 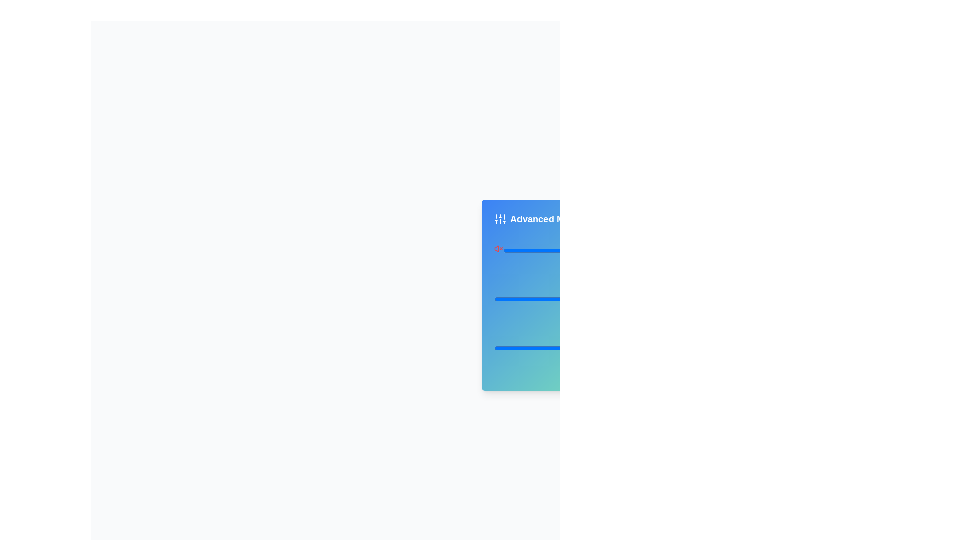 I want to click on slider value, so click(x=563, y=348).